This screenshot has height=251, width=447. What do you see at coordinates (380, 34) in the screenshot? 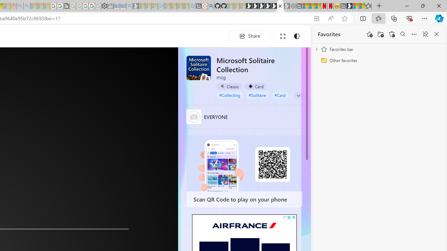
I see `'Add folder'` at bounding box center [380, 34].